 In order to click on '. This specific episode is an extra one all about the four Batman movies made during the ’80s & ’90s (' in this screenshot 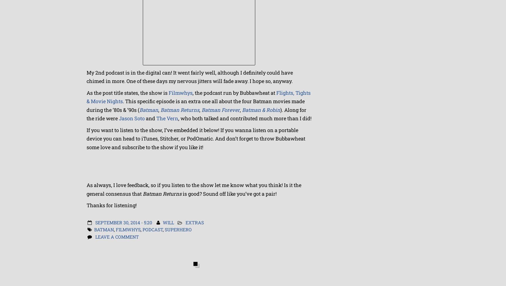, I will do `click(86, 105)`.